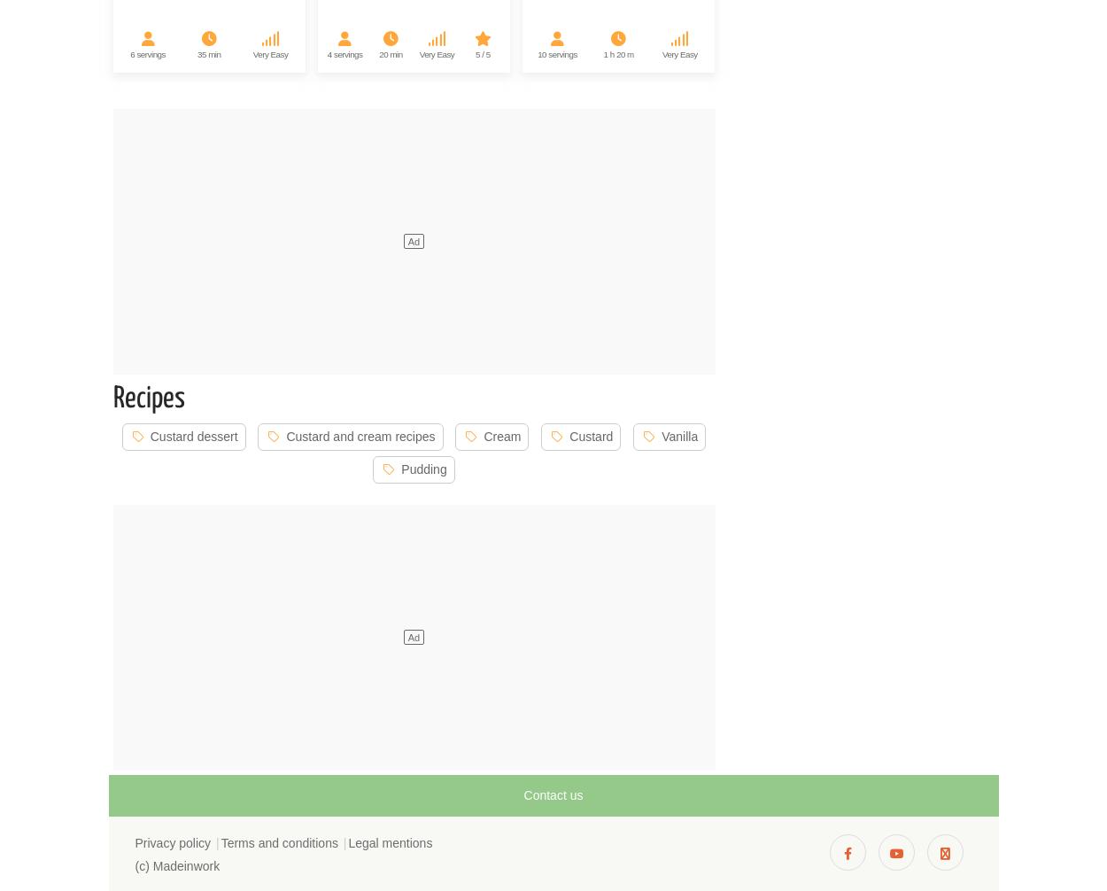 The height and width of the screenshot is (891, 1107). What do you see at coordinates (537, 53) in the screenshot?
I see `'10'` at bounding box center [537, 53].